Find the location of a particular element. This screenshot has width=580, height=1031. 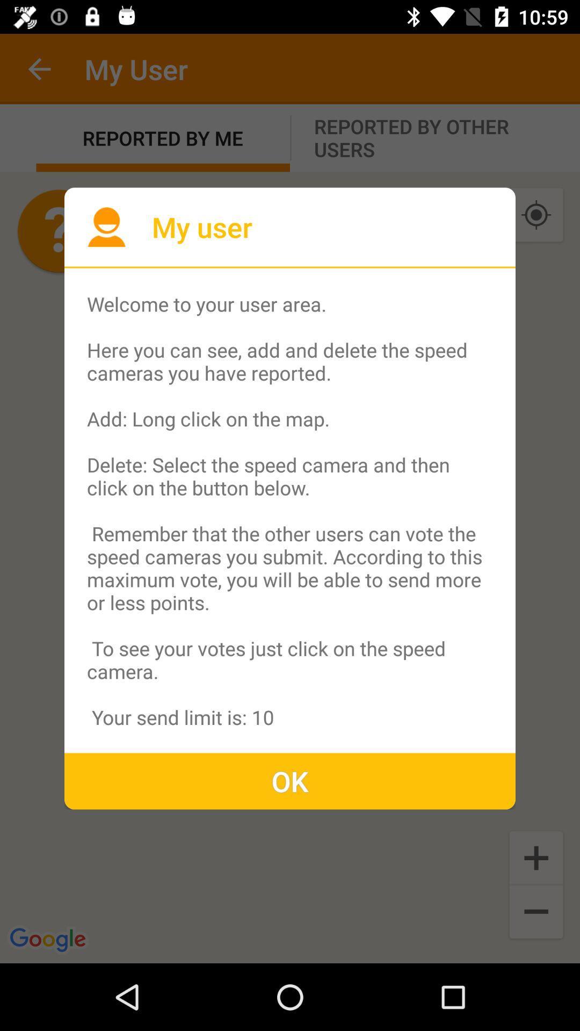

the icon at the top left corner is located at coordinates (106, 226).